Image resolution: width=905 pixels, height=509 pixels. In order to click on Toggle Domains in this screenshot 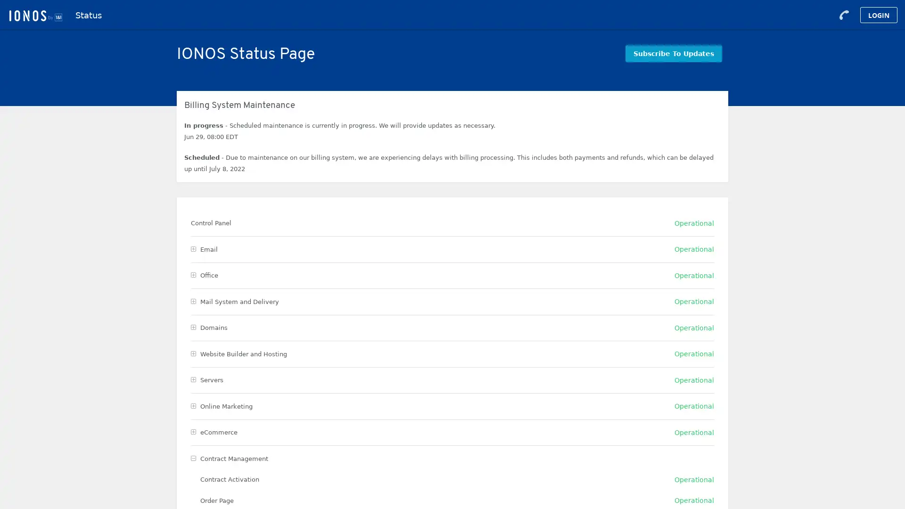, I will do `click(193, 327)`.